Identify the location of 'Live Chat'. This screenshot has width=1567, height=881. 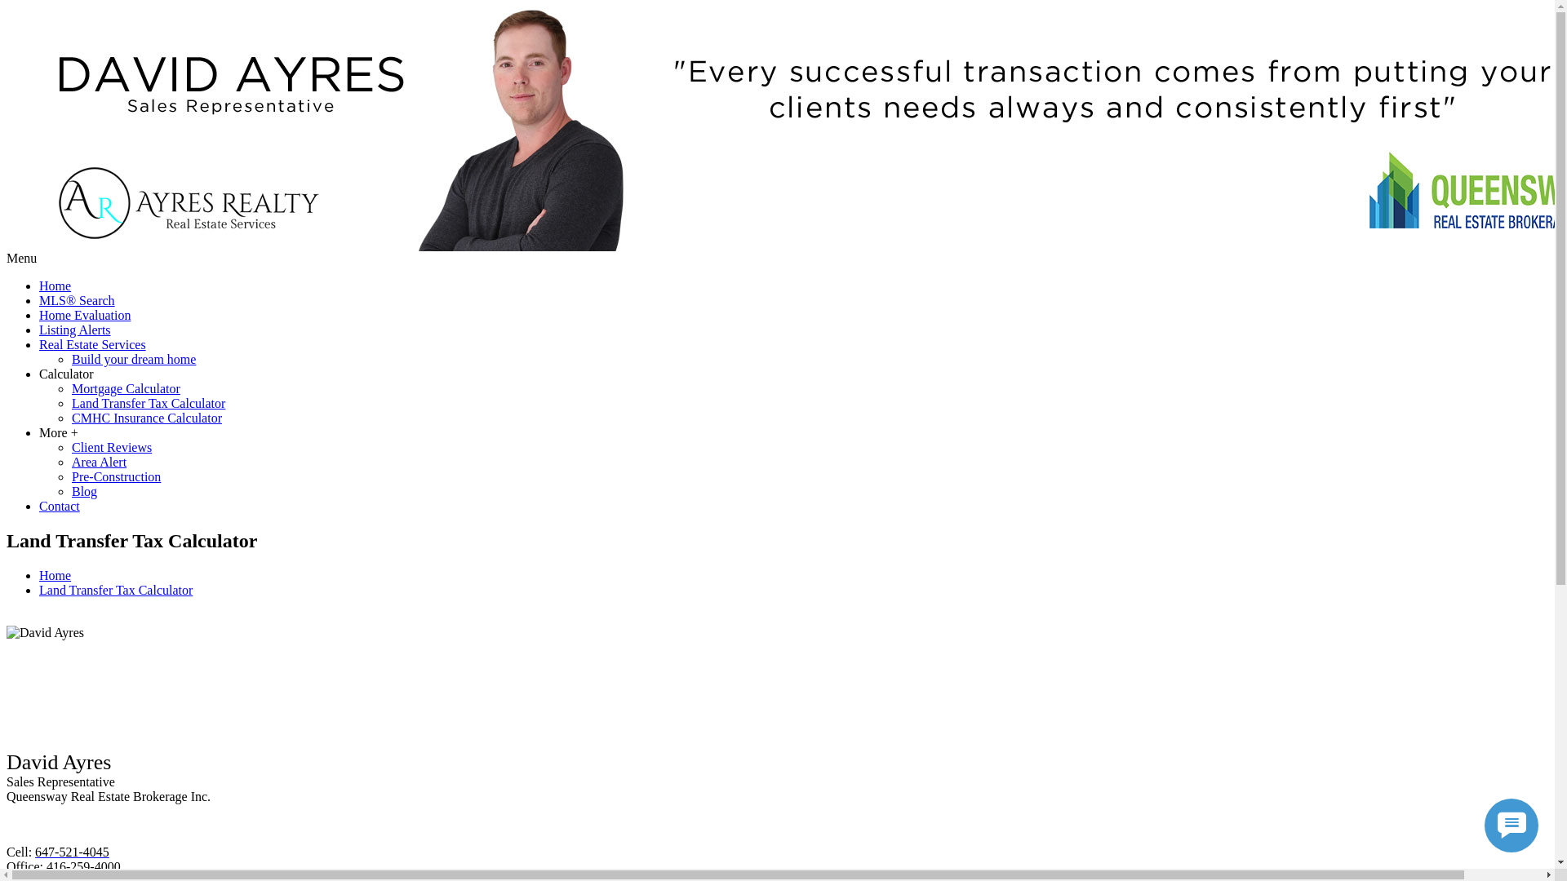
(1511, 825).